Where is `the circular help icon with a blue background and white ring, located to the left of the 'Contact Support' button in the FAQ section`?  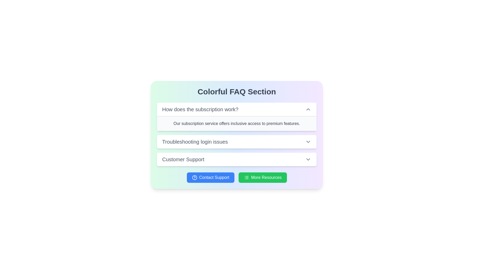 the circular help icon with a blue background and white ring, located to the left of the 'Contact Support' button in the FAQ section is located at coordinates (194, 177).